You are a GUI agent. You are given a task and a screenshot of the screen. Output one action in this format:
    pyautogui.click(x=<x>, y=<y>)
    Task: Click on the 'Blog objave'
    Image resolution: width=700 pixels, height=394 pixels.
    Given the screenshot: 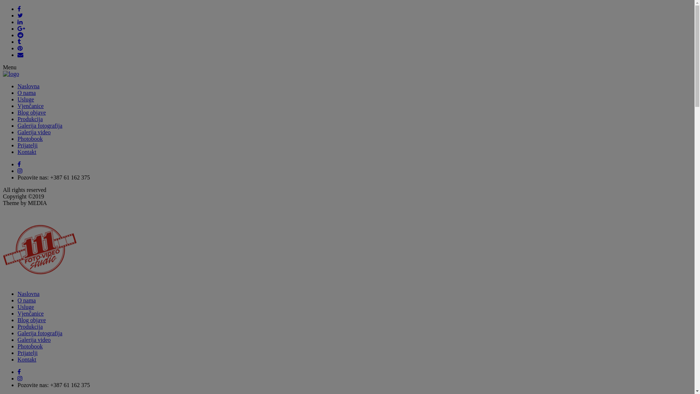 What is the action you would take?
    pyautogui.click(x=31, y=320)
    